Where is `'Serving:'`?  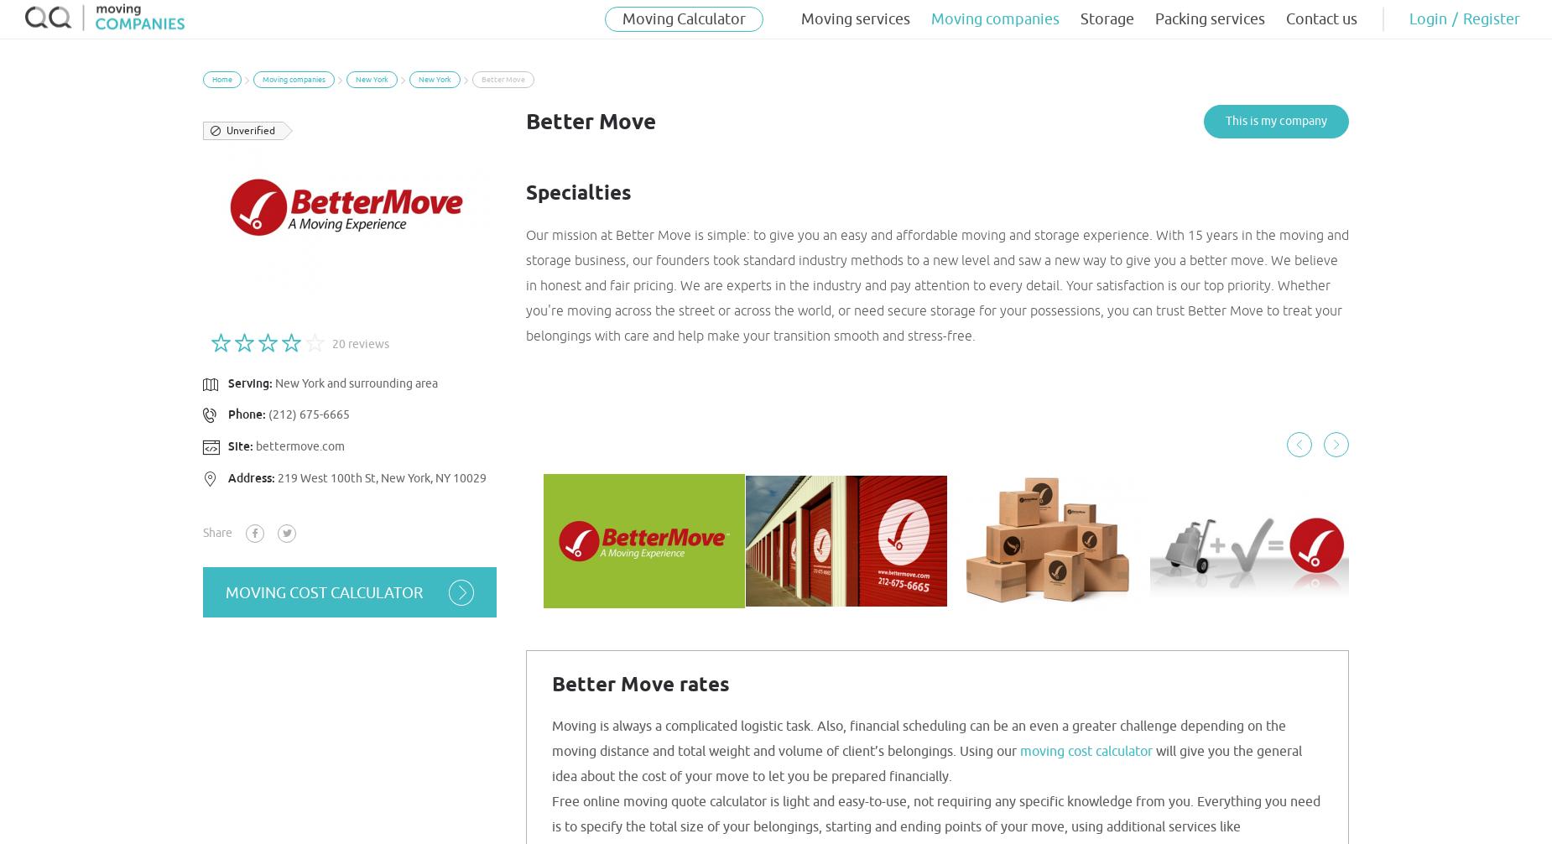 'Serving:' is located at coordinates (251, 382).